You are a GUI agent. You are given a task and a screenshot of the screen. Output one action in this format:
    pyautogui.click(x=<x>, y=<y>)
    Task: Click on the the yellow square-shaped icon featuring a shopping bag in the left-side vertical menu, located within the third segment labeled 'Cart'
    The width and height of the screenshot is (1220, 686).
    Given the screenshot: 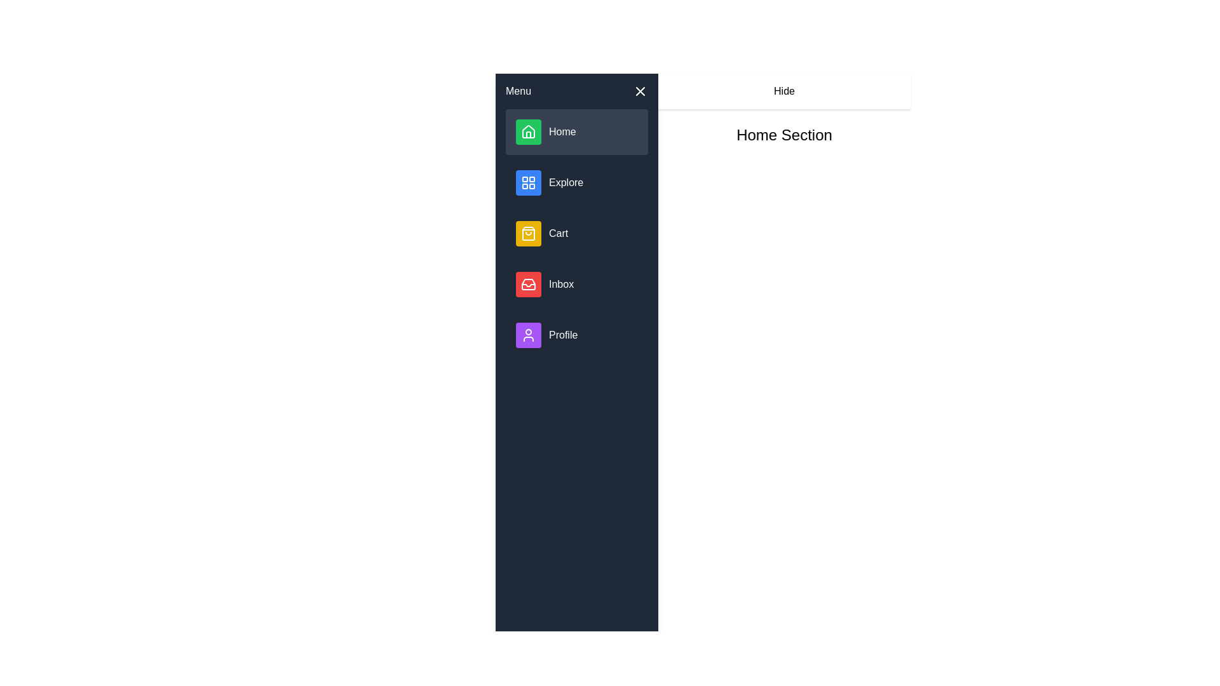 What is the action you would take?
    pyautogui.click(x=528, y=233)
    